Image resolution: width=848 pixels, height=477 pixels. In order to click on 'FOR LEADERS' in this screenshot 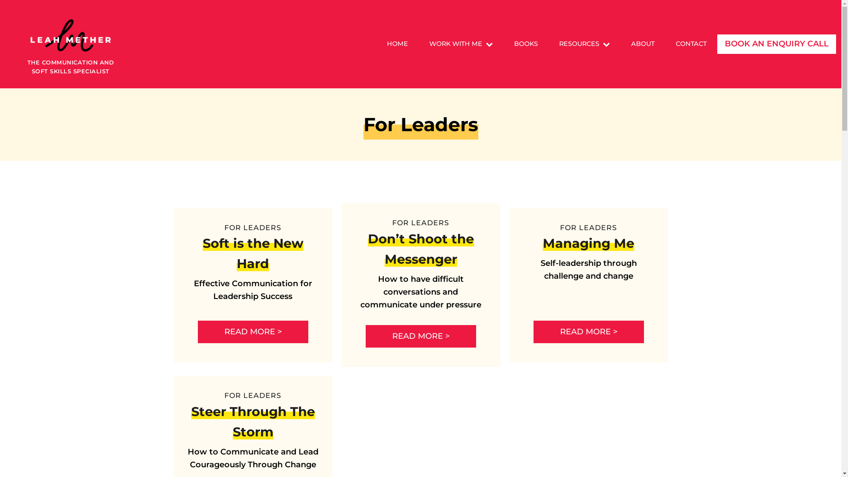, I will do `click(420, 222)`.